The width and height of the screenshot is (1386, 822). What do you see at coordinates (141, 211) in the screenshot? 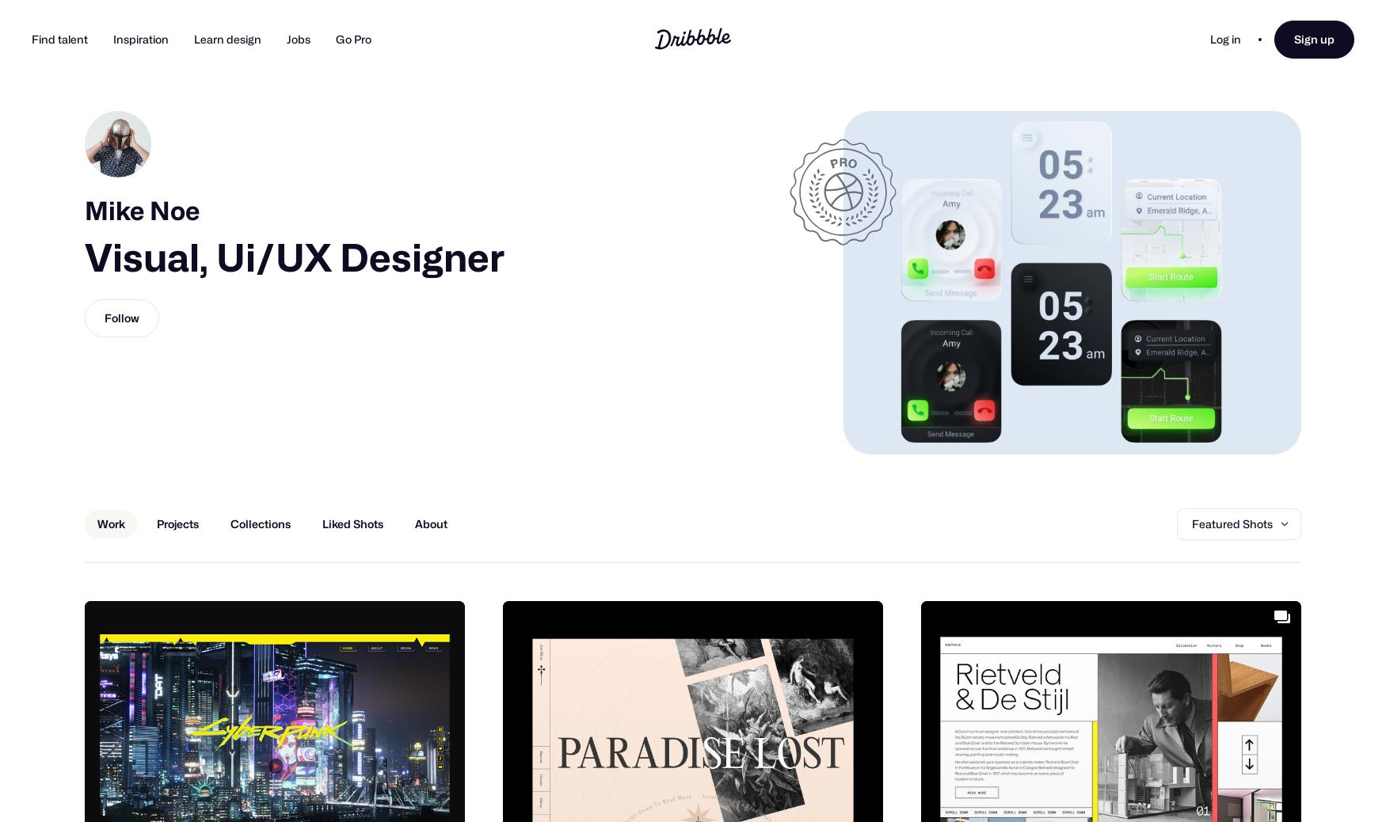
I see `'Mike Noe'` at bounding box center [141, 211].